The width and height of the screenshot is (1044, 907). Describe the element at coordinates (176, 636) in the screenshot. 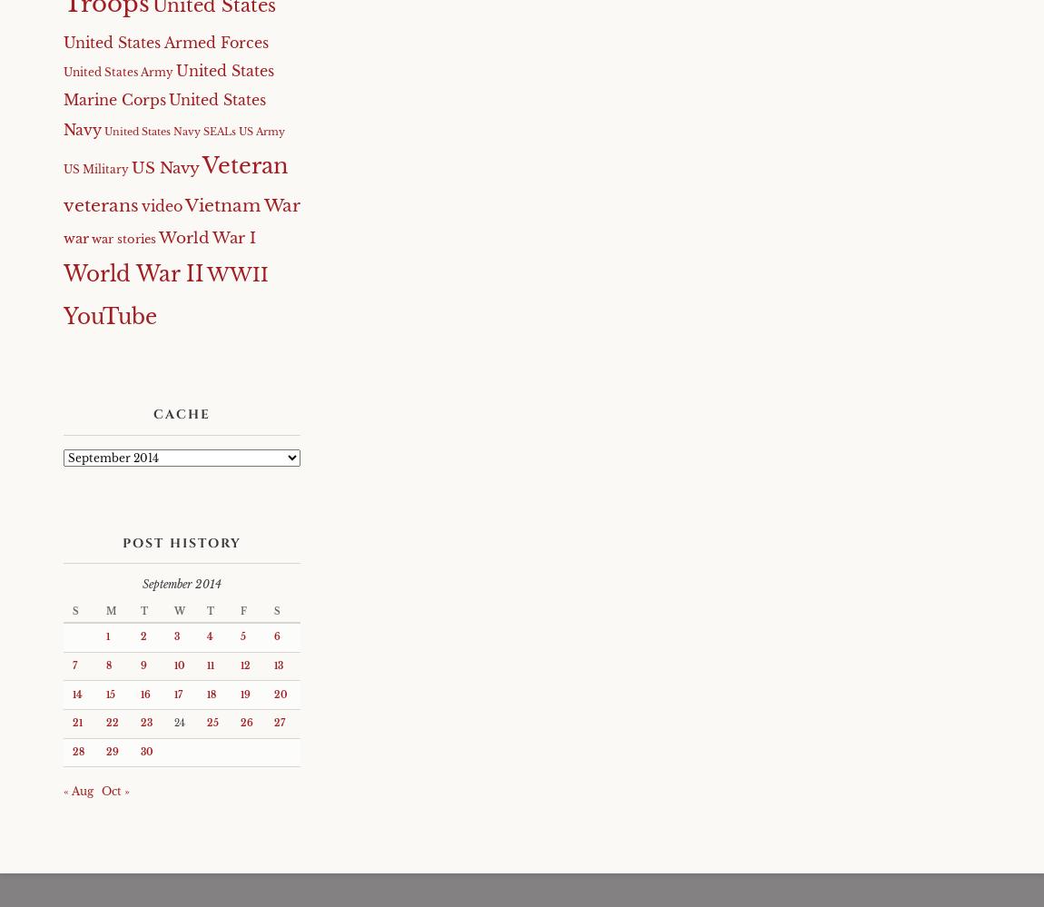

I see `'3'` at that location.